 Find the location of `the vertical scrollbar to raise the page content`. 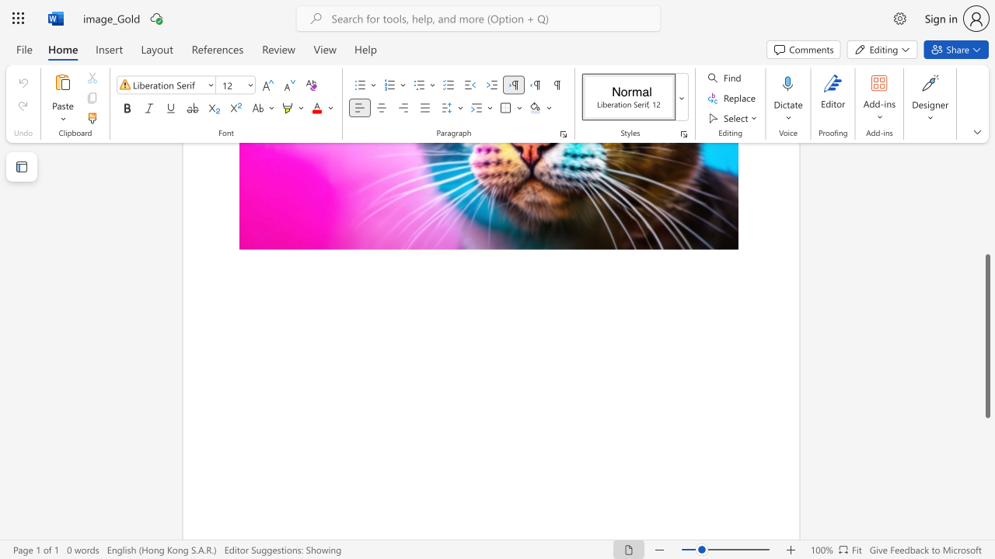

the vertical scrollbar to raise the page content is located at coordinates (986, 225).